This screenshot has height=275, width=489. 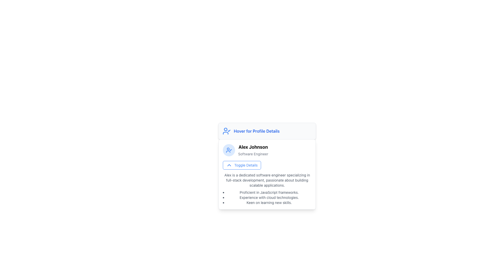 What do you see at coordinates (269, 193) in the screenshot?
I see `the first bulleted item that displays the text 'Proficient in JavaScript frameworks.' in a black font` at bounding box center [269, 193].